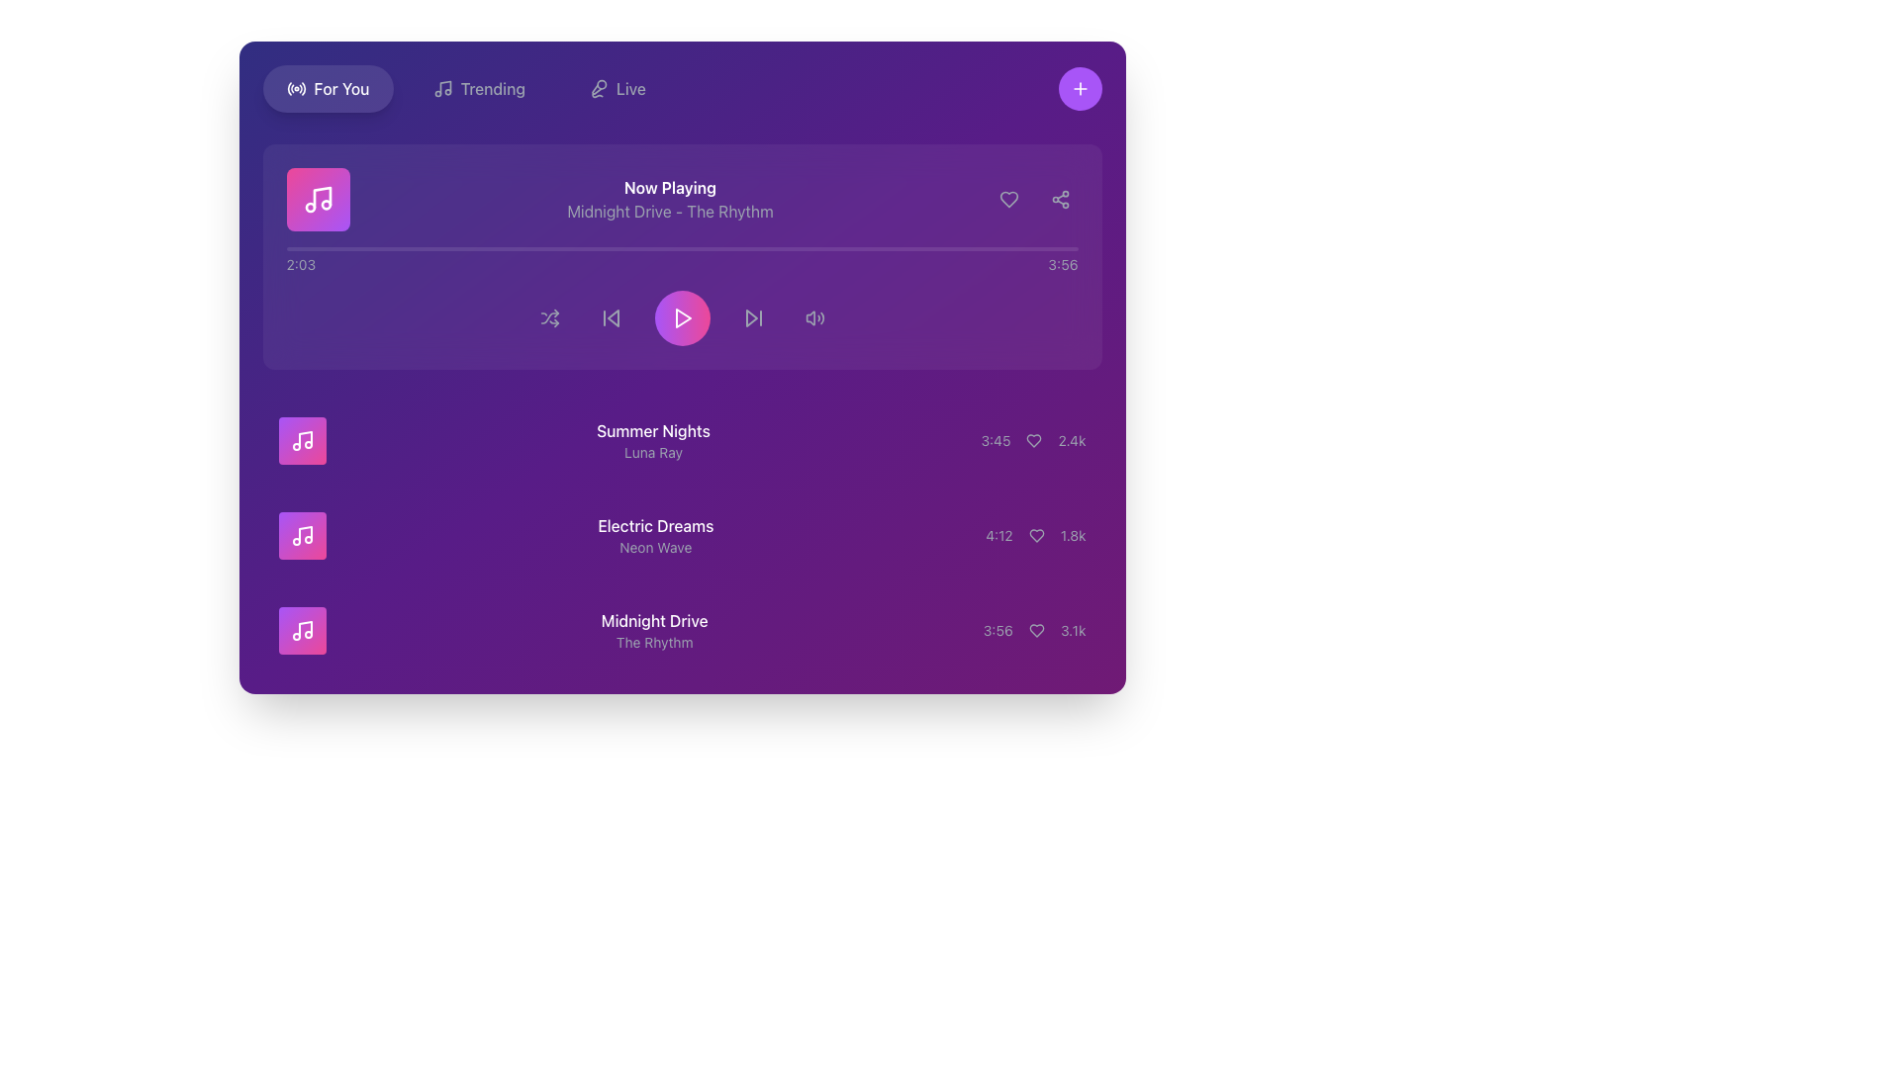 The image size is (1900, 1068). I want to click on the 'For You' text label within the button located in the top-left corner of the interface, so click(341, 87).